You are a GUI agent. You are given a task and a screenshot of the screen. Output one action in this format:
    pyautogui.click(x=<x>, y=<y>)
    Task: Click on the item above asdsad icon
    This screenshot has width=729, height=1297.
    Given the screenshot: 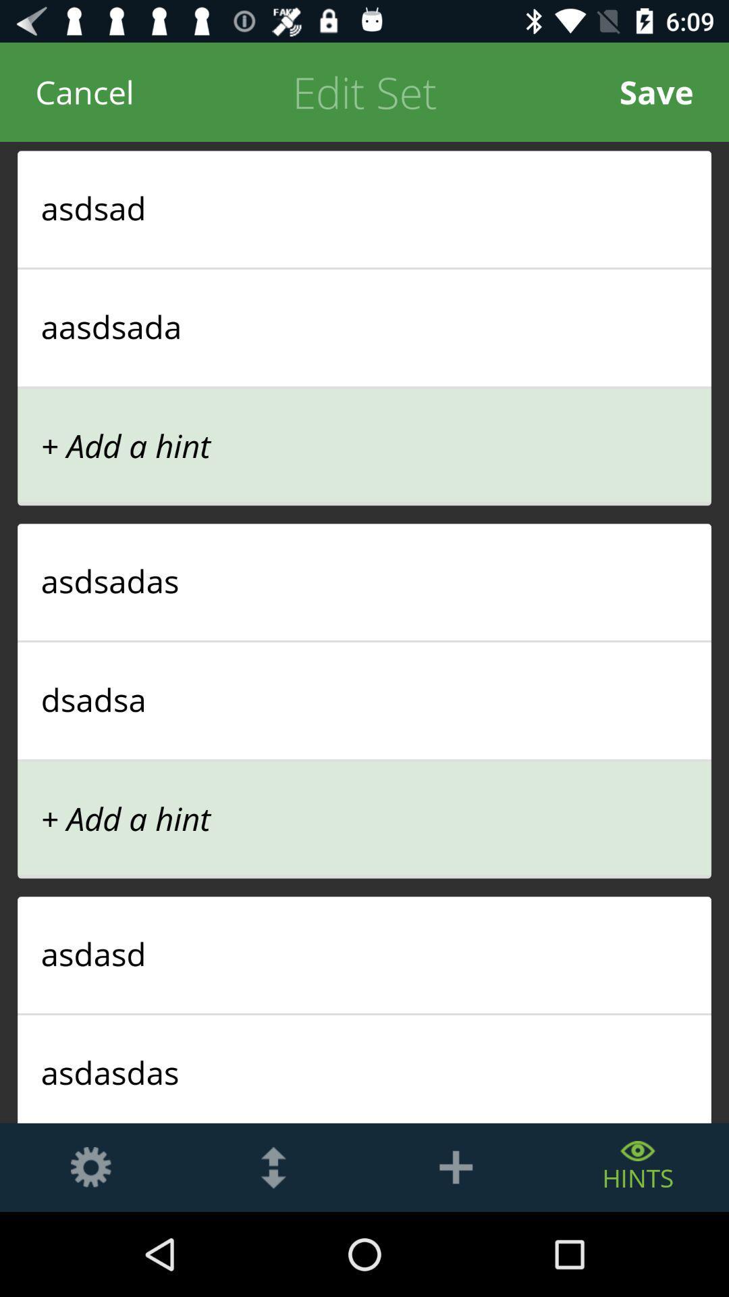 What is the action you would take?
    pyautogui.click(x=84, y=91)
    